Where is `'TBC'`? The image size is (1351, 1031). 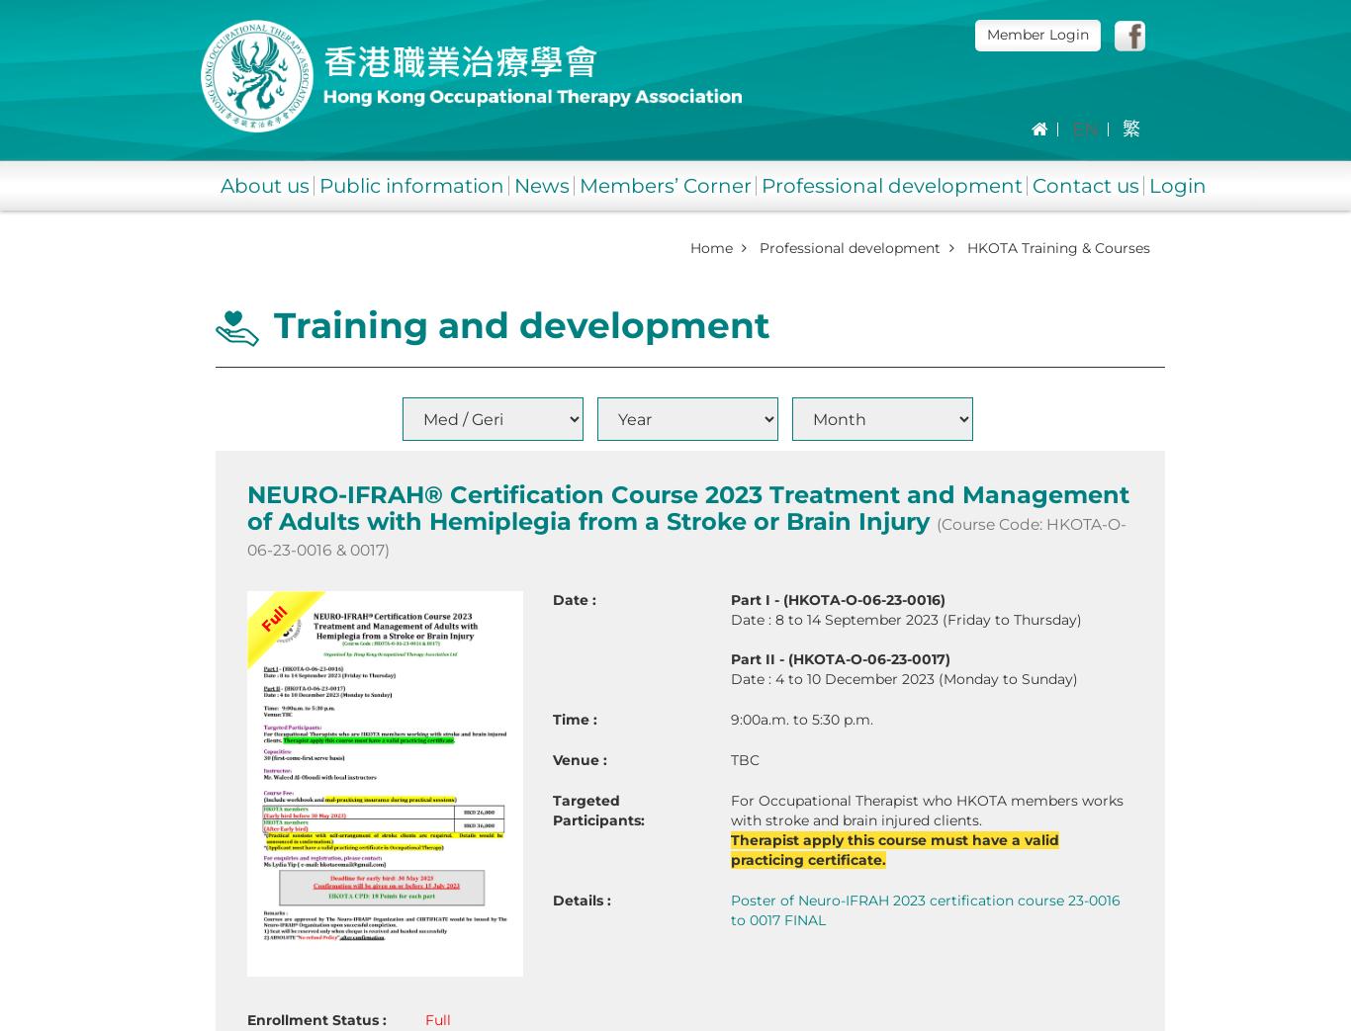
'TBC' is located at coordinates (744, 759).